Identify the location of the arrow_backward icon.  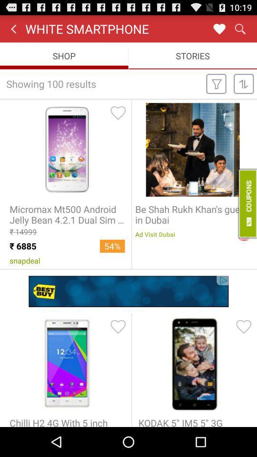
(13, 30).